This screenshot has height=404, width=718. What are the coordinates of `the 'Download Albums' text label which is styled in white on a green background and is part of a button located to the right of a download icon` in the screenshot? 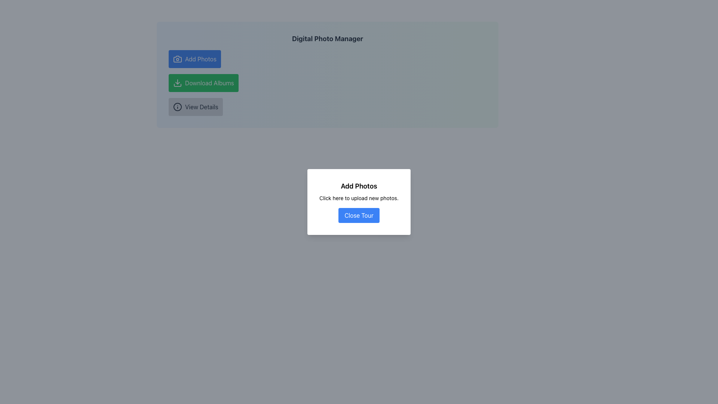 It's located at (209, 83).